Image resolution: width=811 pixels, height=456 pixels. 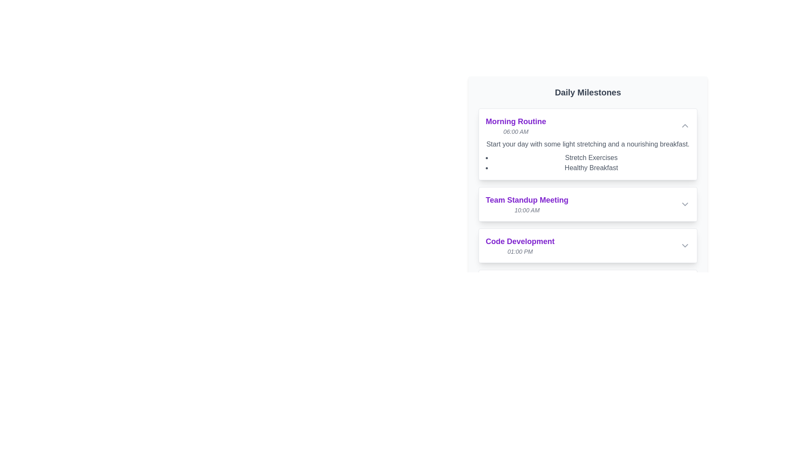 What do you see at coordinates (588, 204) in the screenshot?
I see `the downward-pointing arrow button on the 'Team Standup Meeting' expandable list item` at bounding box center [588, 204].